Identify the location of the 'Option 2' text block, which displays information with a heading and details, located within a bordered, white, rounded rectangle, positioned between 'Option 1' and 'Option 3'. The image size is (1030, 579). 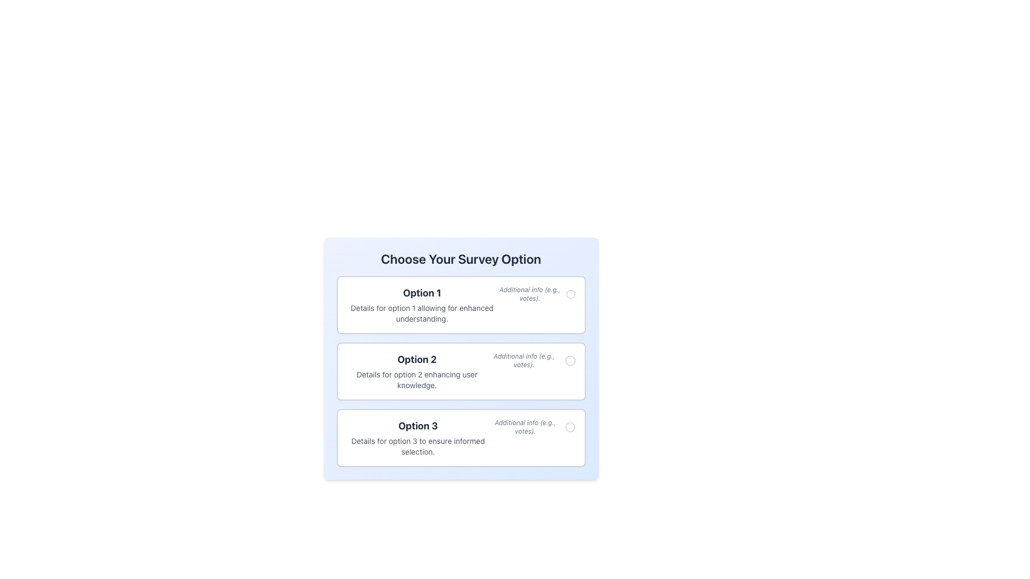
(416, 371).